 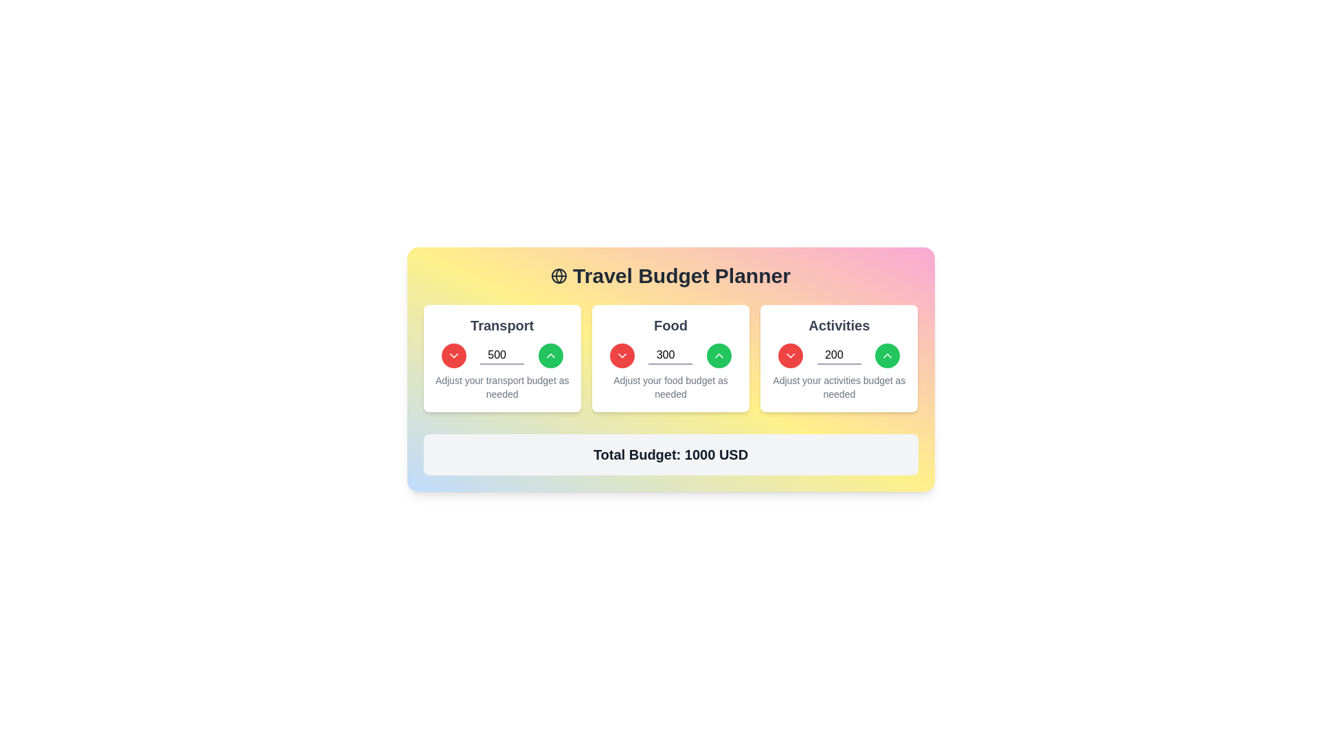 What do you see at coordinates (670, 326) in the screenshot?
I see `the text label displaying the word 'food', which is bold, capitalized, and distinctively styled in a darker shade of gray, located in the second card of the 'Travel Budget Planner' section` at bounding box center [670, 326].